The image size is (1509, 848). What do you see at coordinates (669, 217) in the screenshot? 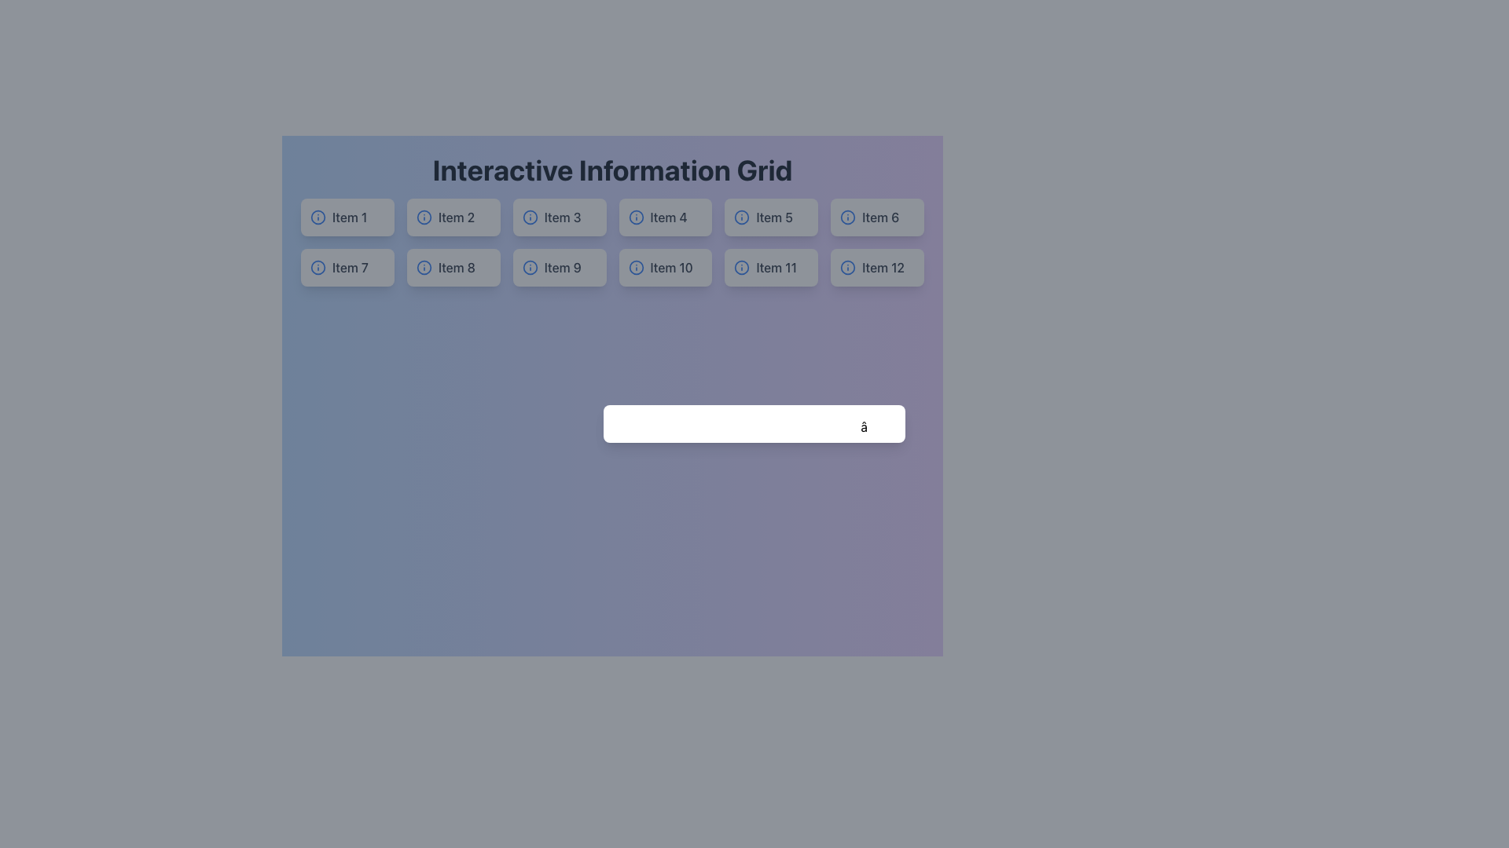
I see `the text label displaying 'Item 4', which is styled with a gray font color and medium font weight, located towards the center of the interface in a horizontal arrangement of items` at bounding box center [669, 217].